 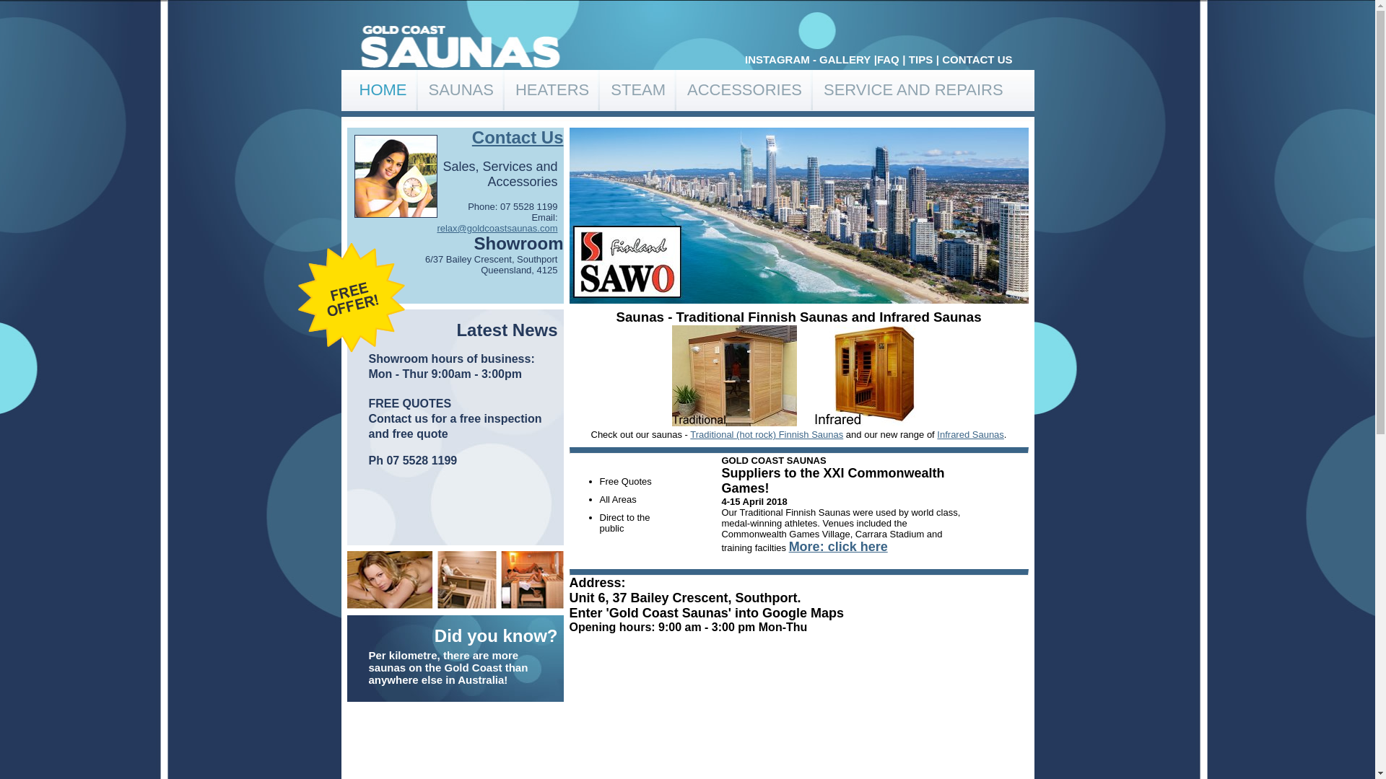 I want to click on 'Contact Us', so click(x=518, y=137).